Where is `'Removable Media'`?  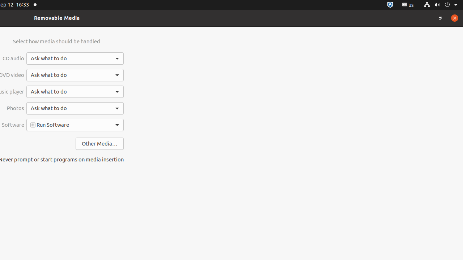 'Removable Media' is located at coordinates (56, 17).